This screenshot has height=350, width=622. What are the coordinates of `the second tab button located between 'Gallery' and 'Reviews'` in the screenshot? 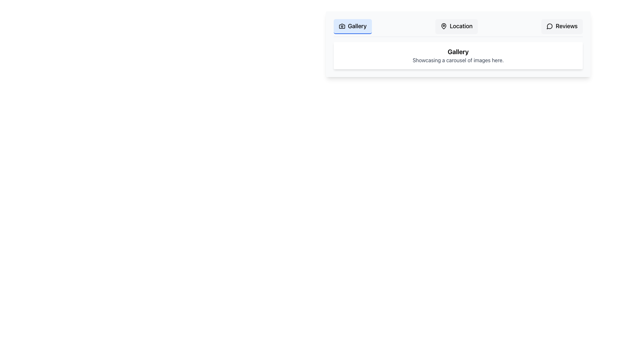 It's located at (456, 26).